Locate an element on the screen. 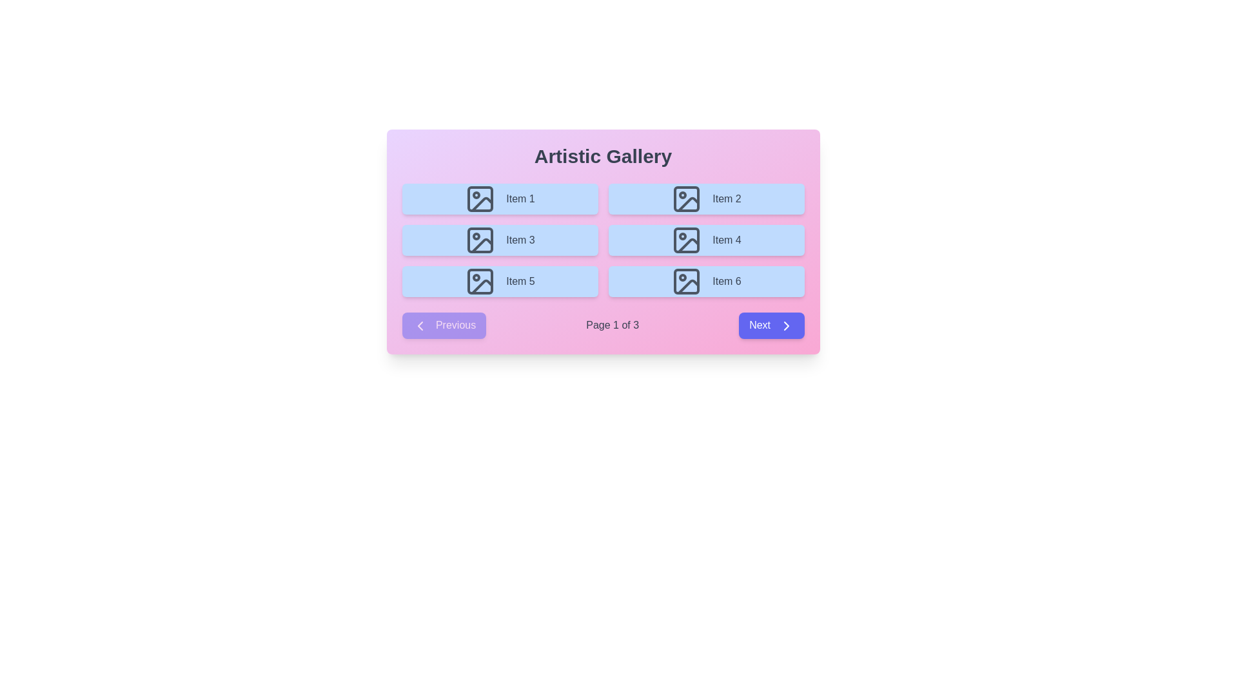 This screenshot has width=1238, height=696. the visual representation of the SVG icon depicting an image symbol, styled with a gray stroke, located within the top-left section of 'Item 1' is located at coordinates (480, 198).